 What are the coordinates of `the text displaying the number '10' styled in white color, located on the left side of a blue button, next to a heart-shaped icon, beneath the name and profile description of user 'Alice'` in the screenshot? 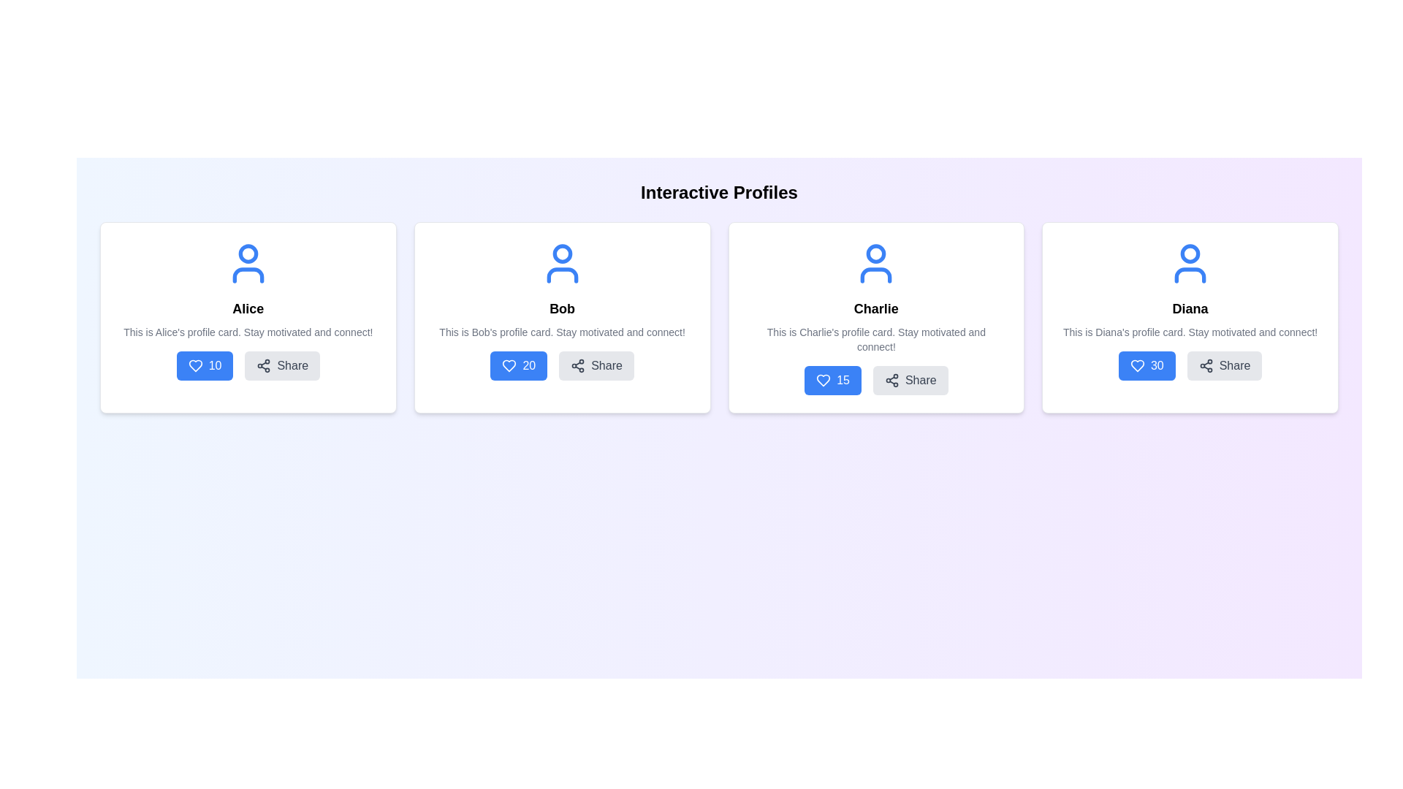 It's located at (214, 365).